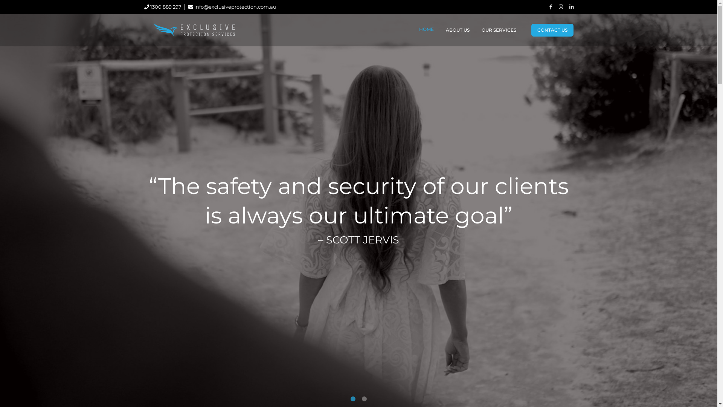 The width and height of the screenshot is (723, 407). What do you see at coordinates (162, 7) in the screenshot?
I see `'1300 889 297'` at bounding box center [162, 7].